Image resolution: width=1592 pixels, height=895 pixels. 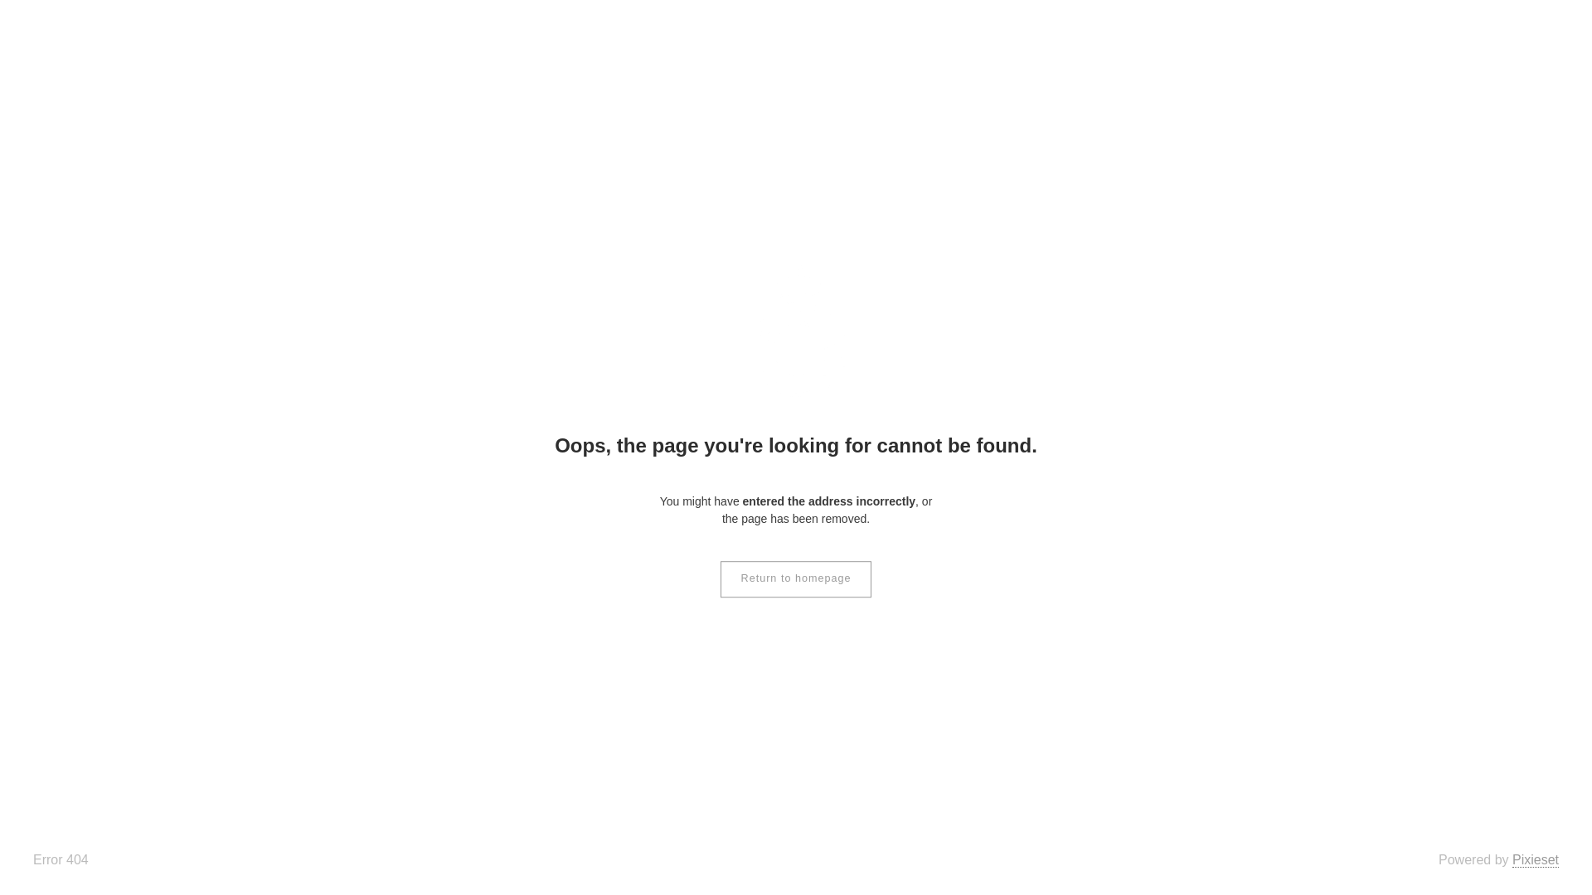 What do you see at coordinates (1535, 859) in the screenshot?
I see `'Pixieset'` at bounding box center [1535, 859].